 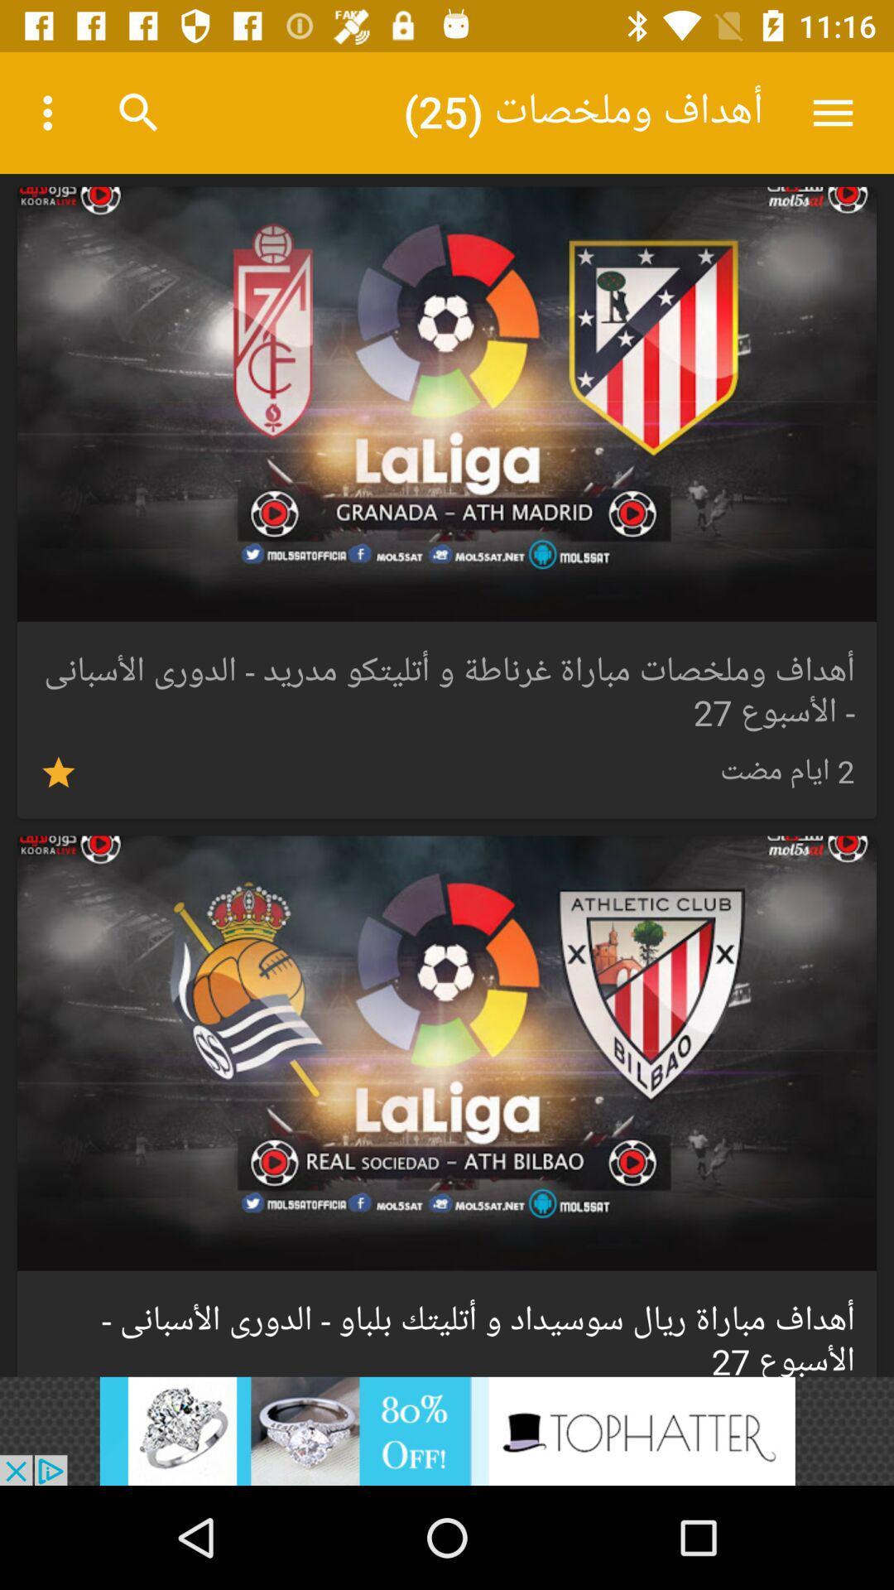 I want to click on search icon, so click(x=138, y=113).